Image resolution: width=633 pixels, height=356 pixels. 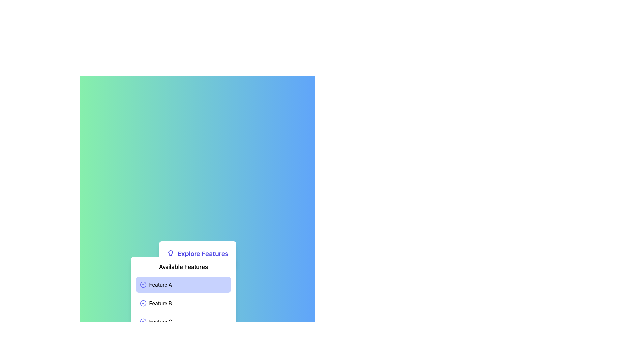 I want to click on the second list item labeled 'Feature B' in the menu, so click(x=183, y=303).